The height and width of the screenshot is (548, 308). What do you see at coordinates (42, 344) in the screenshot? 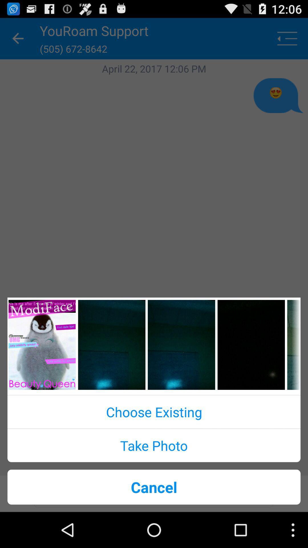
I see `photo` at bounding box center [42, 344].